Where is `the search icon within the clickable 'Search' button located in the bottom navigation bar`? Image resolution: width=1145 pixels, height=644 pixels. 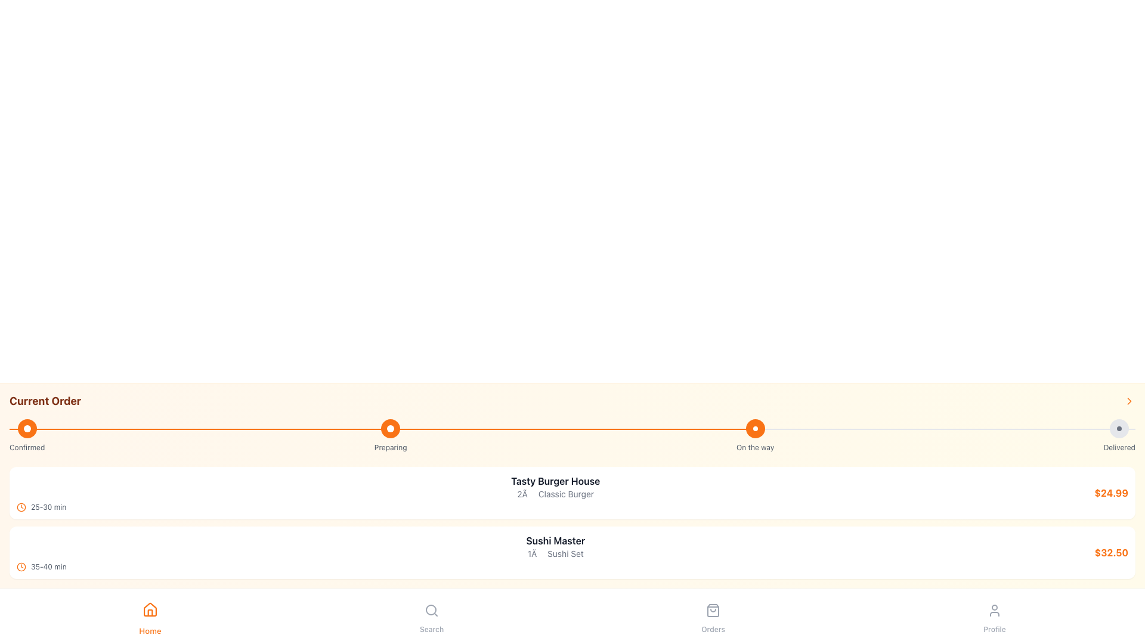 the search icon within the clickable 'Search' button located in the bottom navigation bar is located at coordinates (431, 610).